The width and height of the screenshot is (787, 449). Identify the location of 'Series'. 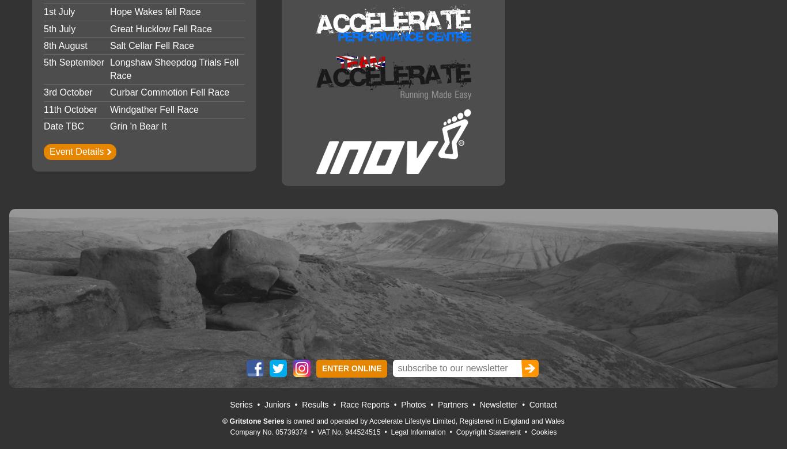
(240, 404).